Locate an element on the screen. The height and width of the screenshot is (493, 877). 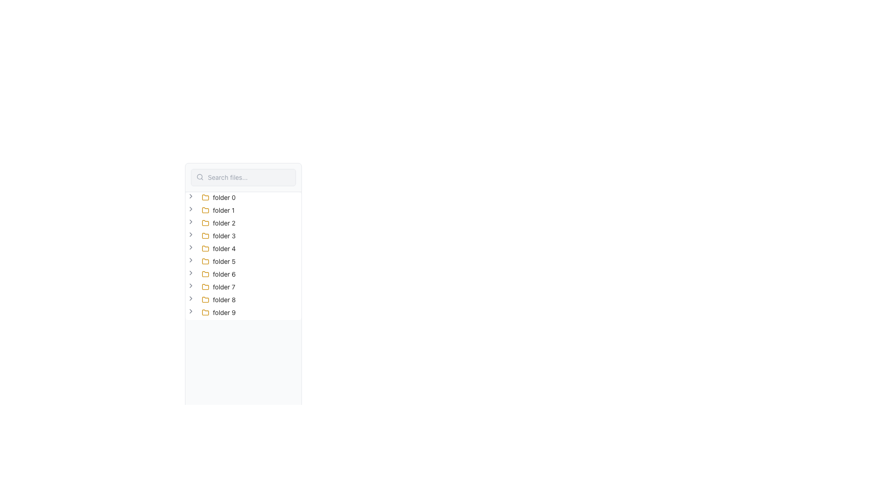
the gray chevron icon next to the 'folder 1' label is located at coordinates (190, 210).